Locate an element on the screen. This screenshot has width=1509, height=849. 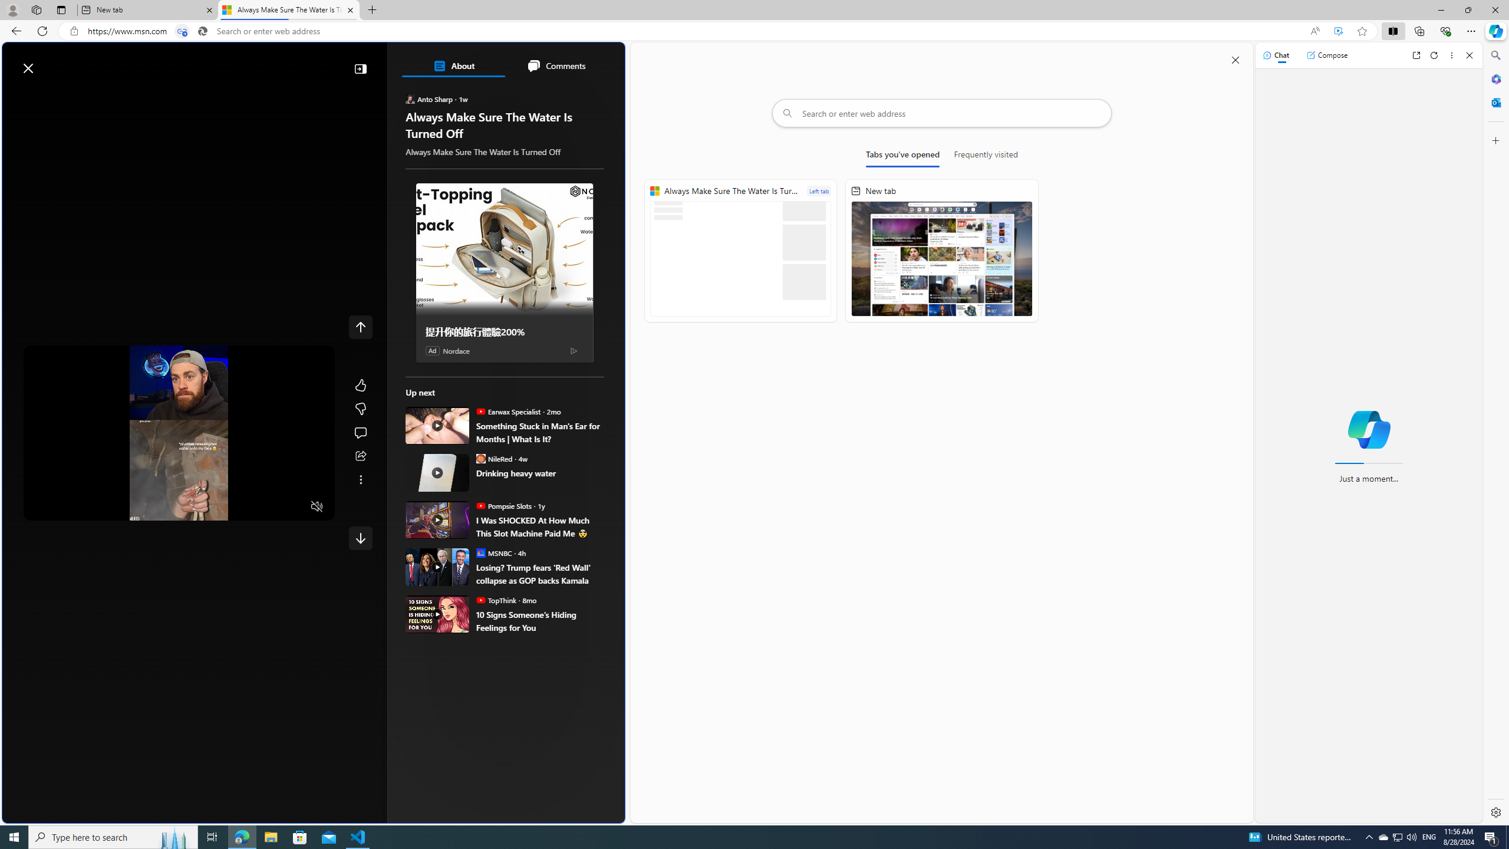
'Captions' is located at coordinates (271, 506).